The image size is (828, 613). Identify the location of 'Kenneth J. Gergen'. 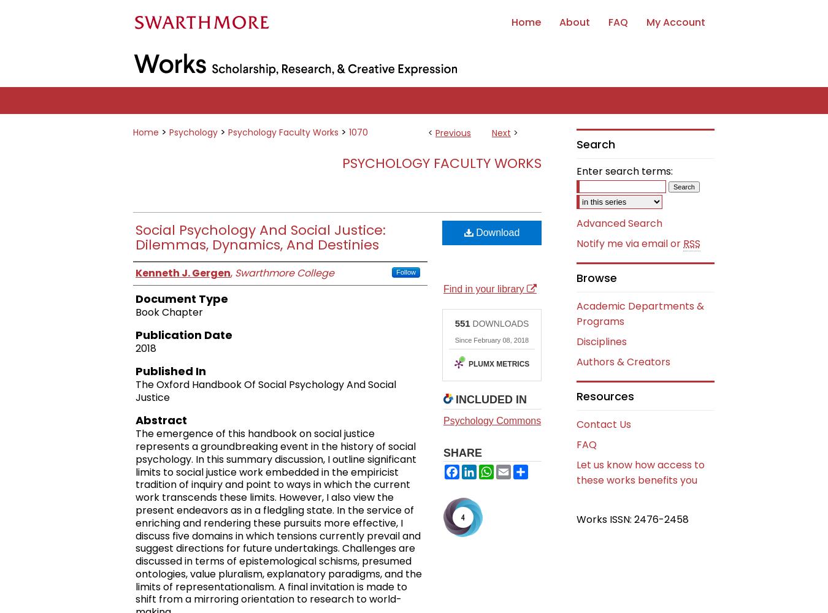
(182, 272).